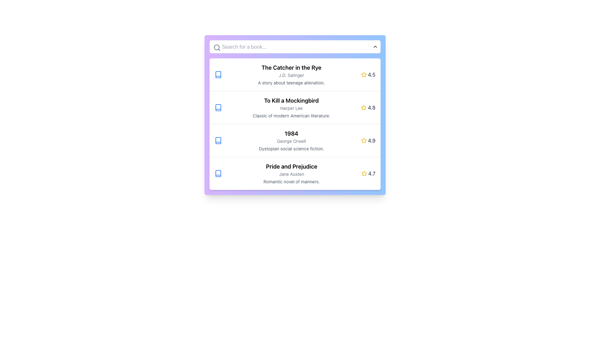  I want to click on the static text element displaying the title of the book, located within the content block above the author name 'Jane Austen' and below the entry for '1984', so click(291, 166).